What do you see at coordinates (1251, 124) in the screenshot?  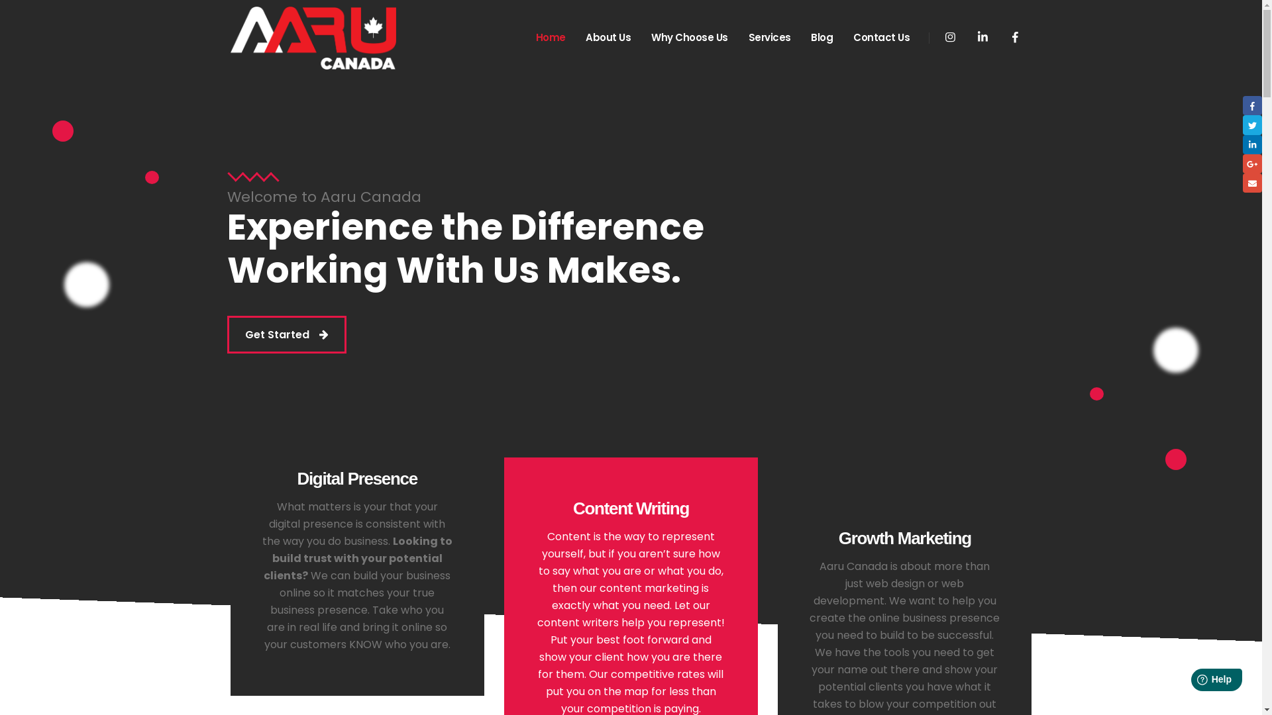 I see `'Twitter'` at bounding box center [1251, 124].